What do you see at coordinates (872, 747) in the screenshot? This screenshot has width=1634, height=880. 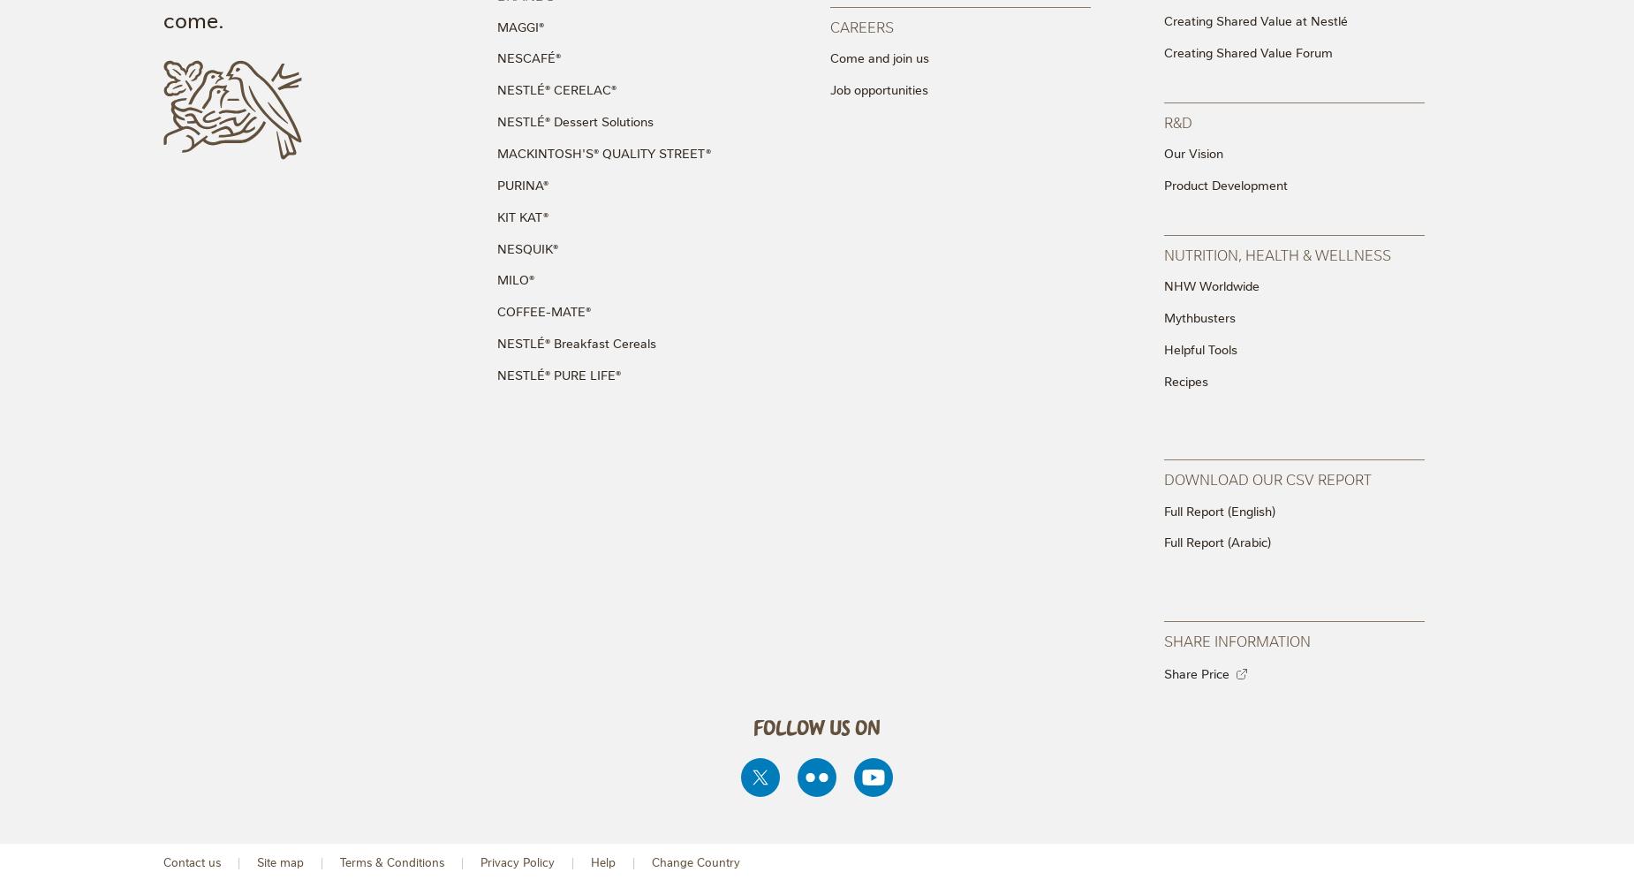 I see `'Nestle ME on YouTube'` at bounding box center [872, 747].